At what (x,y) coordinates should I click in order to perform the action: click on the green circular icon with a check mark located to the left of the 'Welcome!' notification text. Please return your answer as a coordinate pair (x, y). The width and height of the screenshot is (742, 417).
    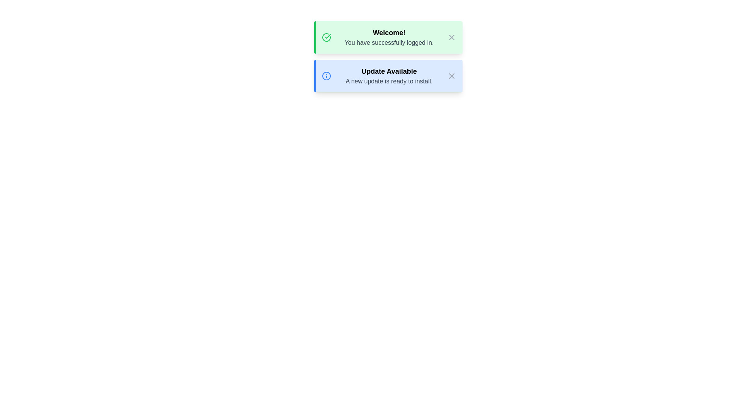
    Looking at the image, I should click on (326, 37).